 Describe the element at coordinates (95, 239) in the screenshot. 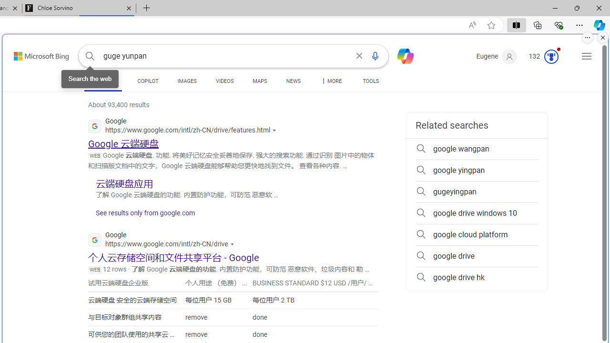

I see `'Global web icon'` at that location.